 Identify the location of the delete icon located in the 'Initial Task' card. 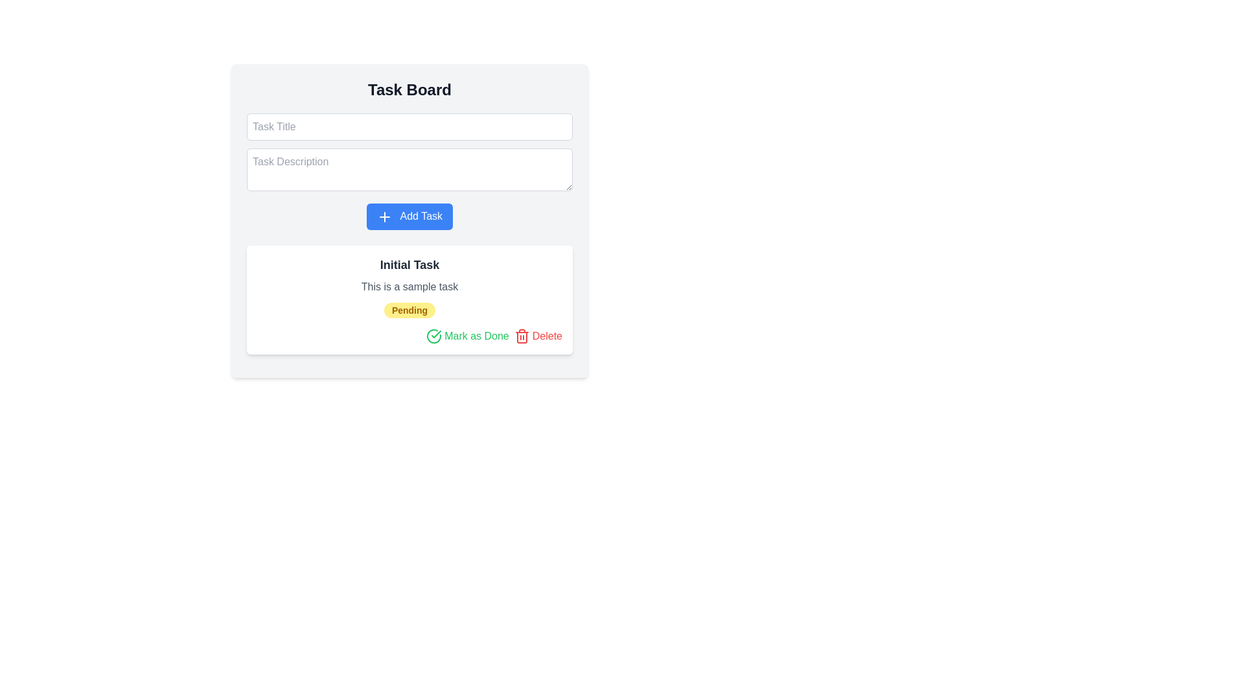
(522, 335).